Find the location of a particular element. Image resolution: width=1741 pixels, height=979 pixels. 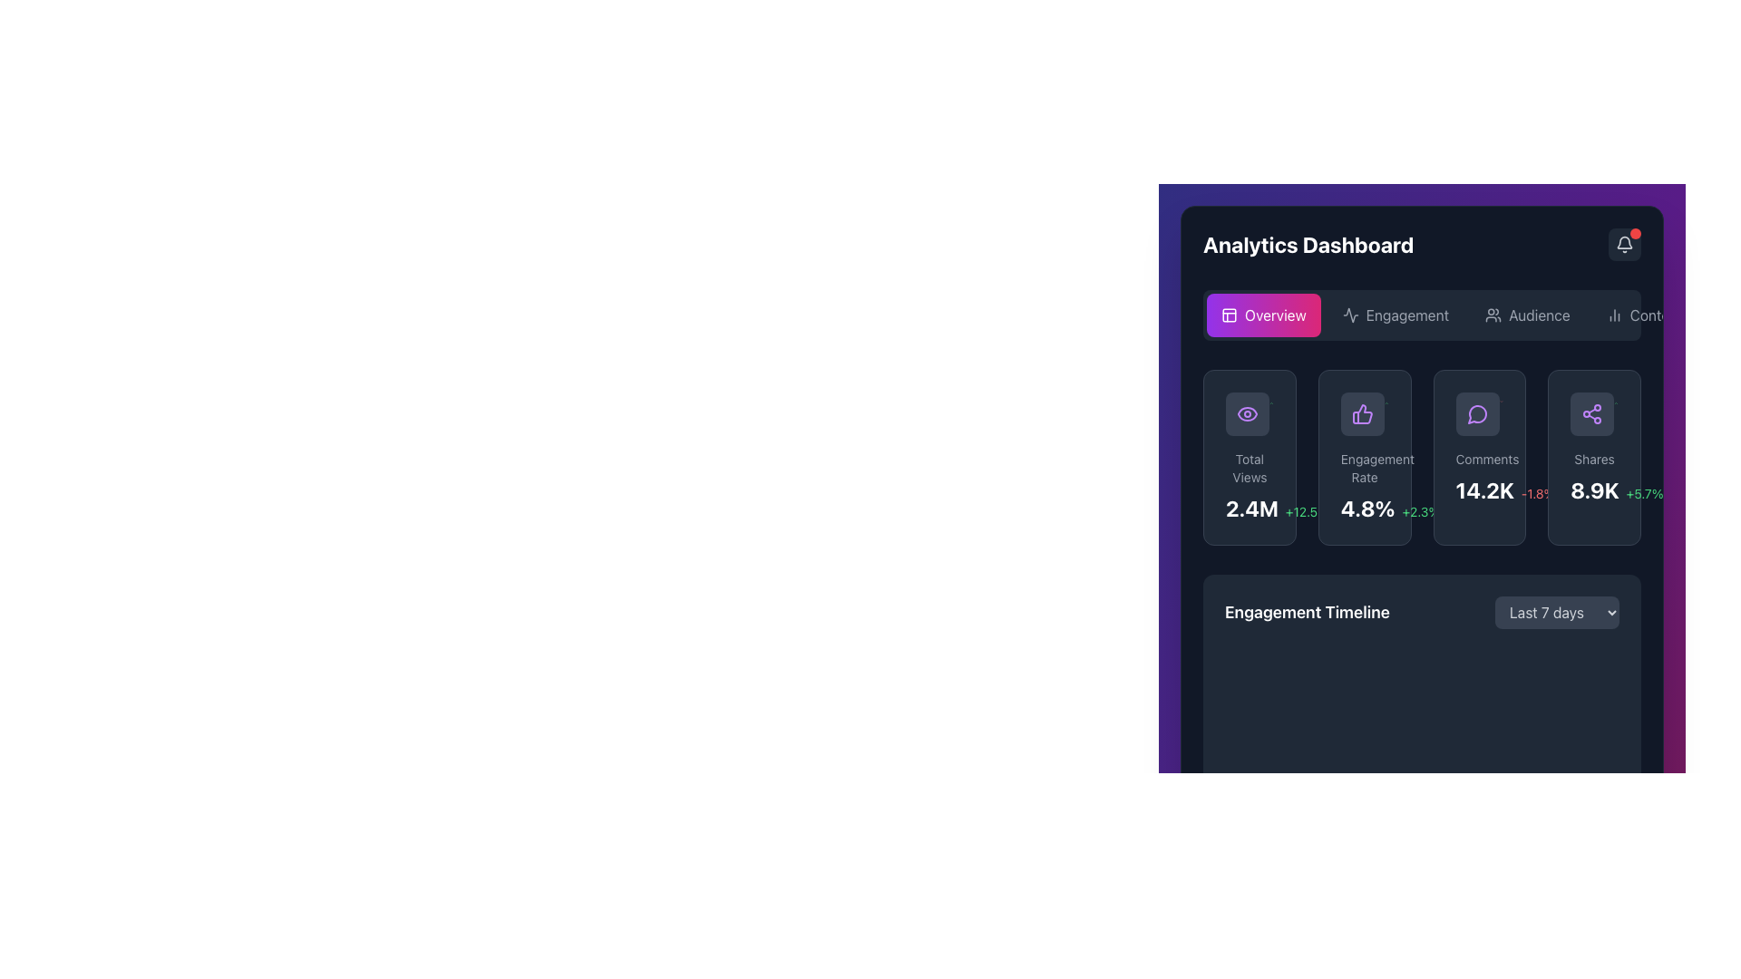

the static text element displaying the total count of shares in the fourth column of the dashboard interface is located at coordinates (1593, 489).